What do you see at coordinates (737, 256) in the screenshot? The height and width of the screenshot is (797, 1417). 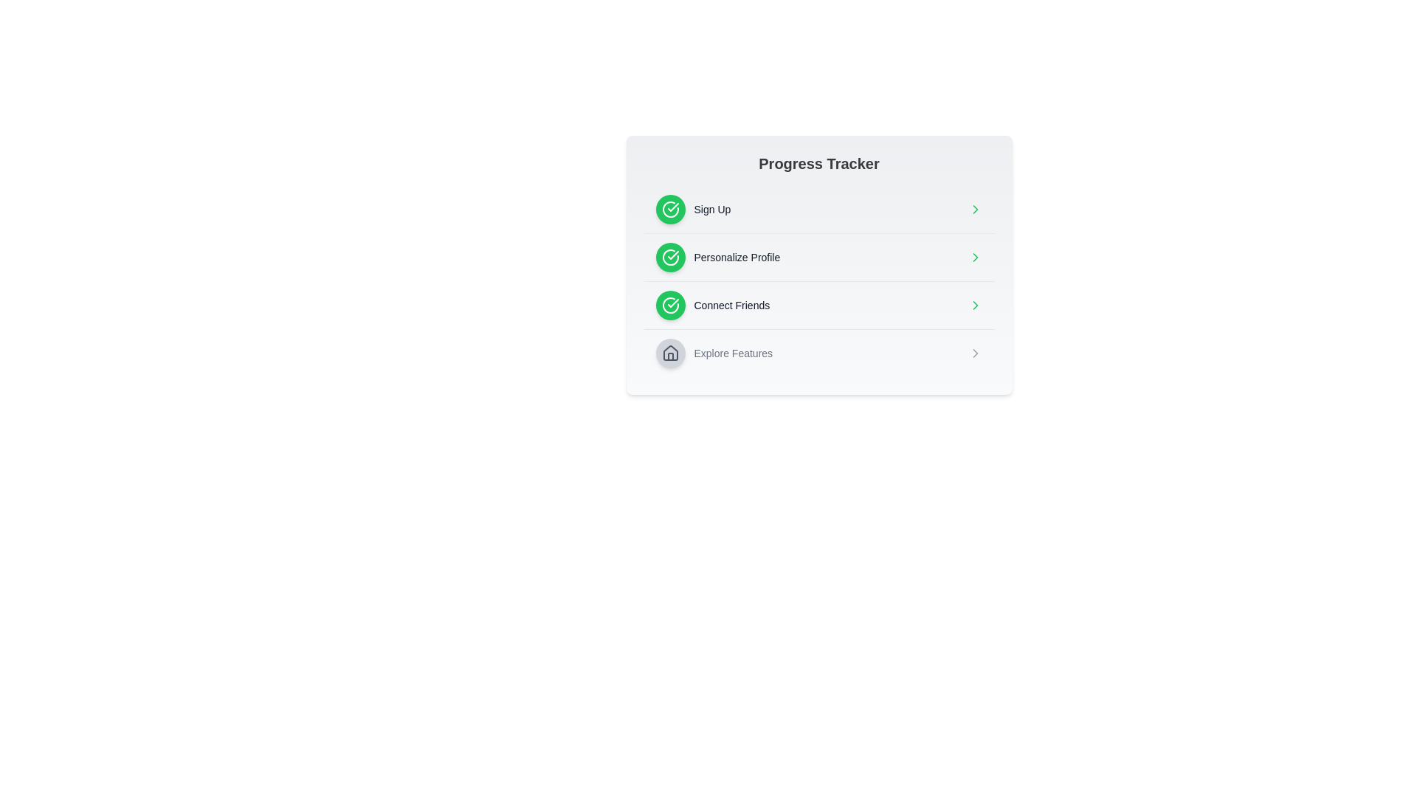 I see `the 'Personalize Profile' text label in the progress tracker, which is the second item in the list under the 'Progress Tracker' header` at bounding box center [737, 256].